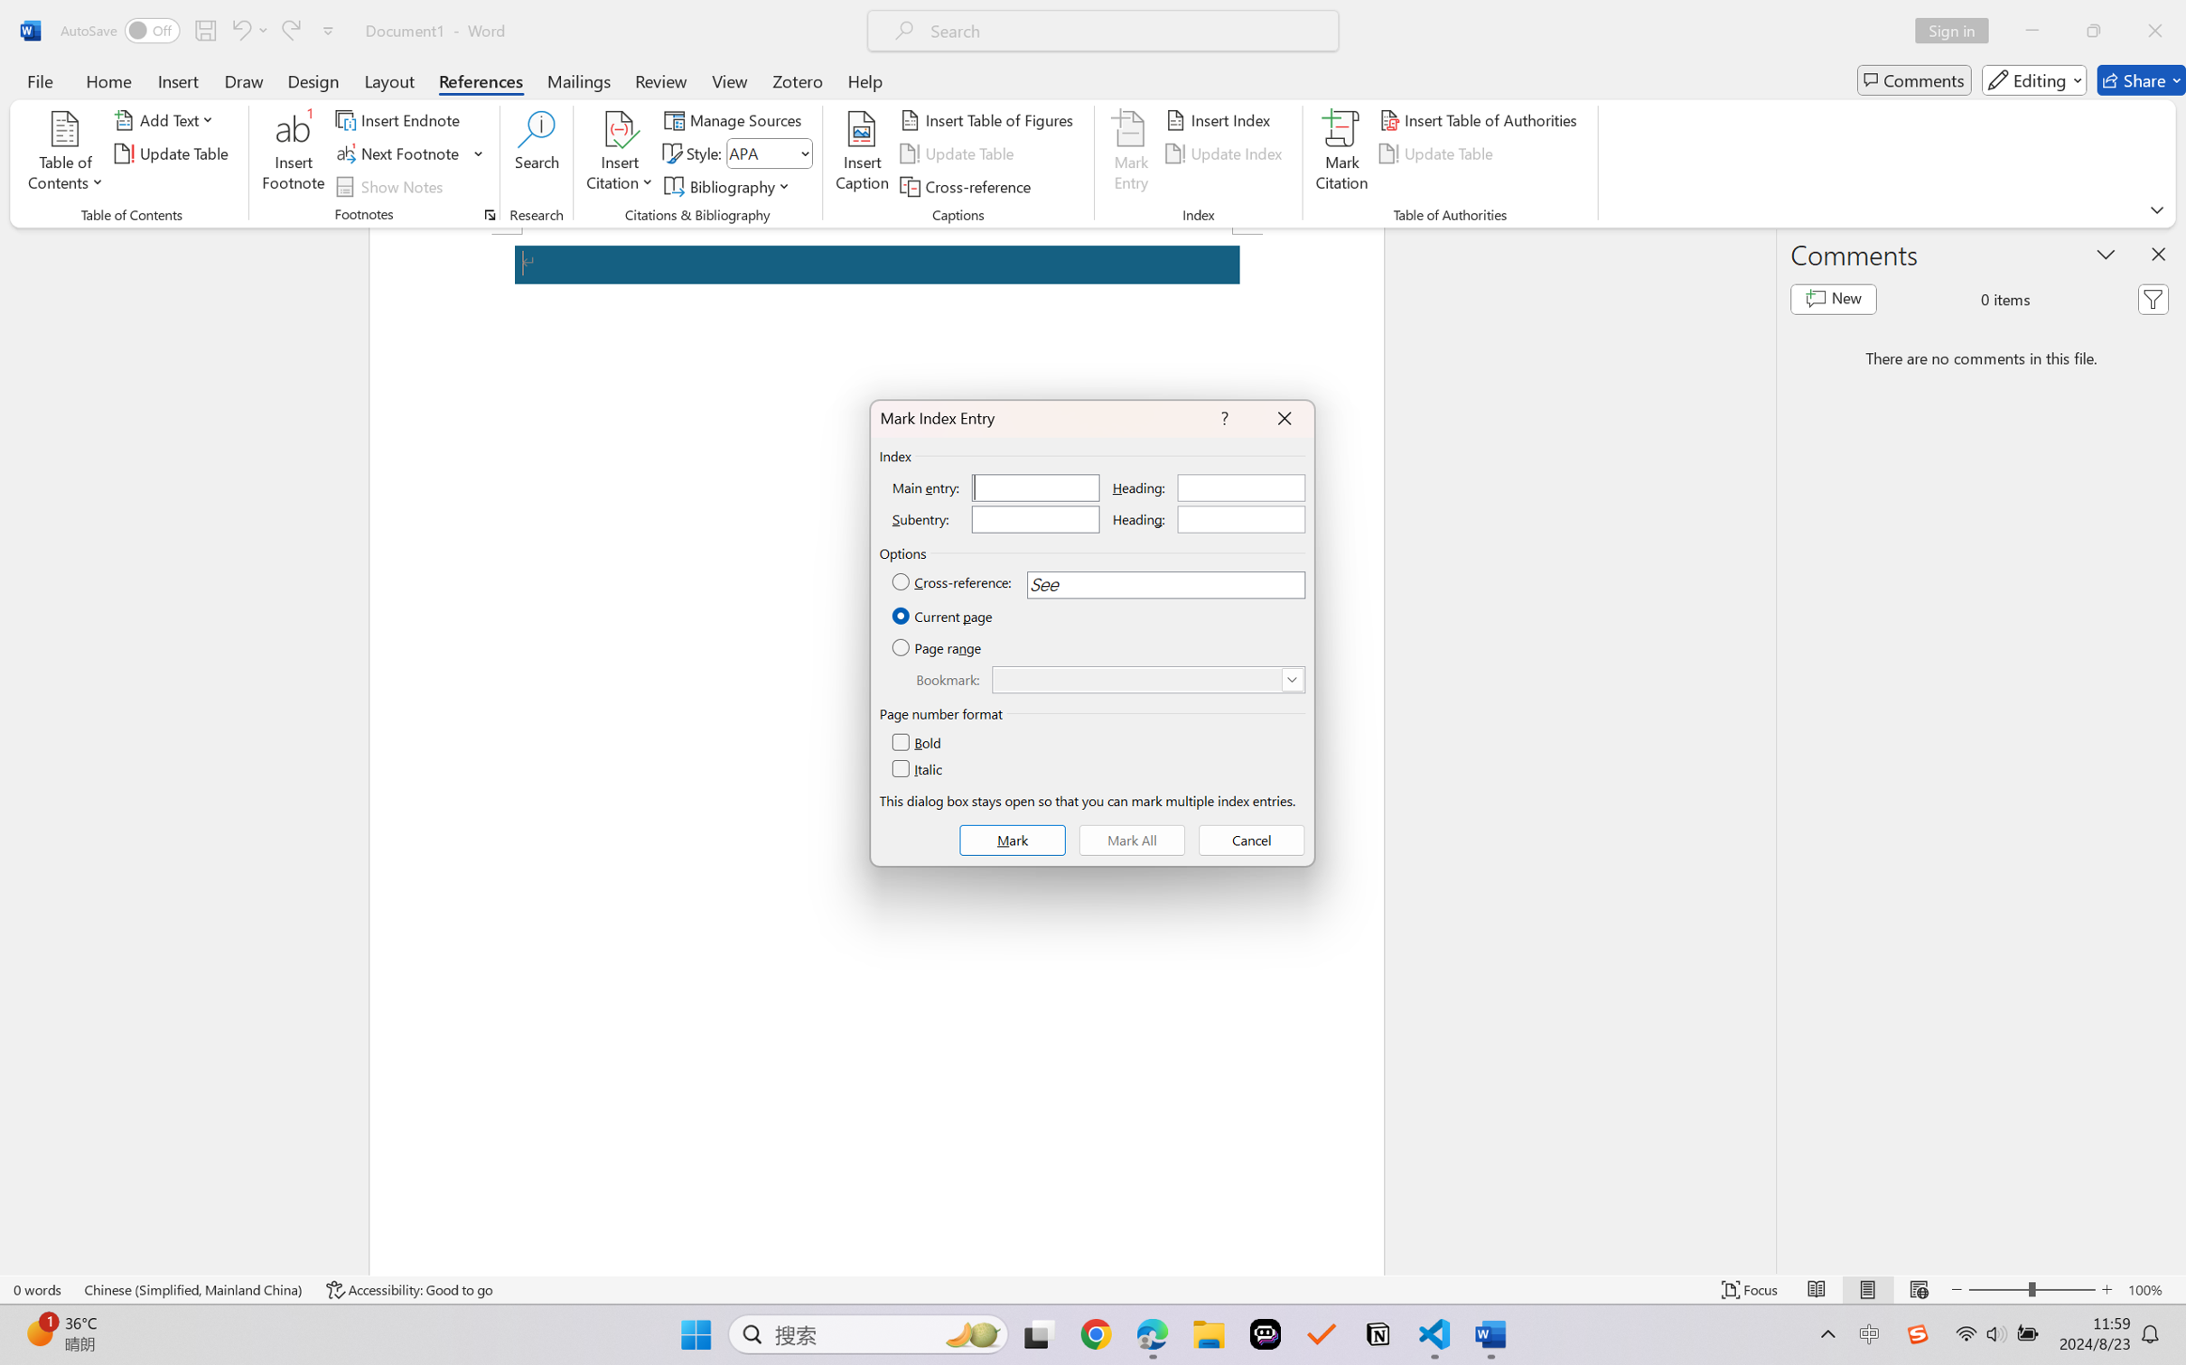 This screenshot has width=2186, height=1365. I want to click on 'Undo Apply Quick Style Set', so click(248, 30).